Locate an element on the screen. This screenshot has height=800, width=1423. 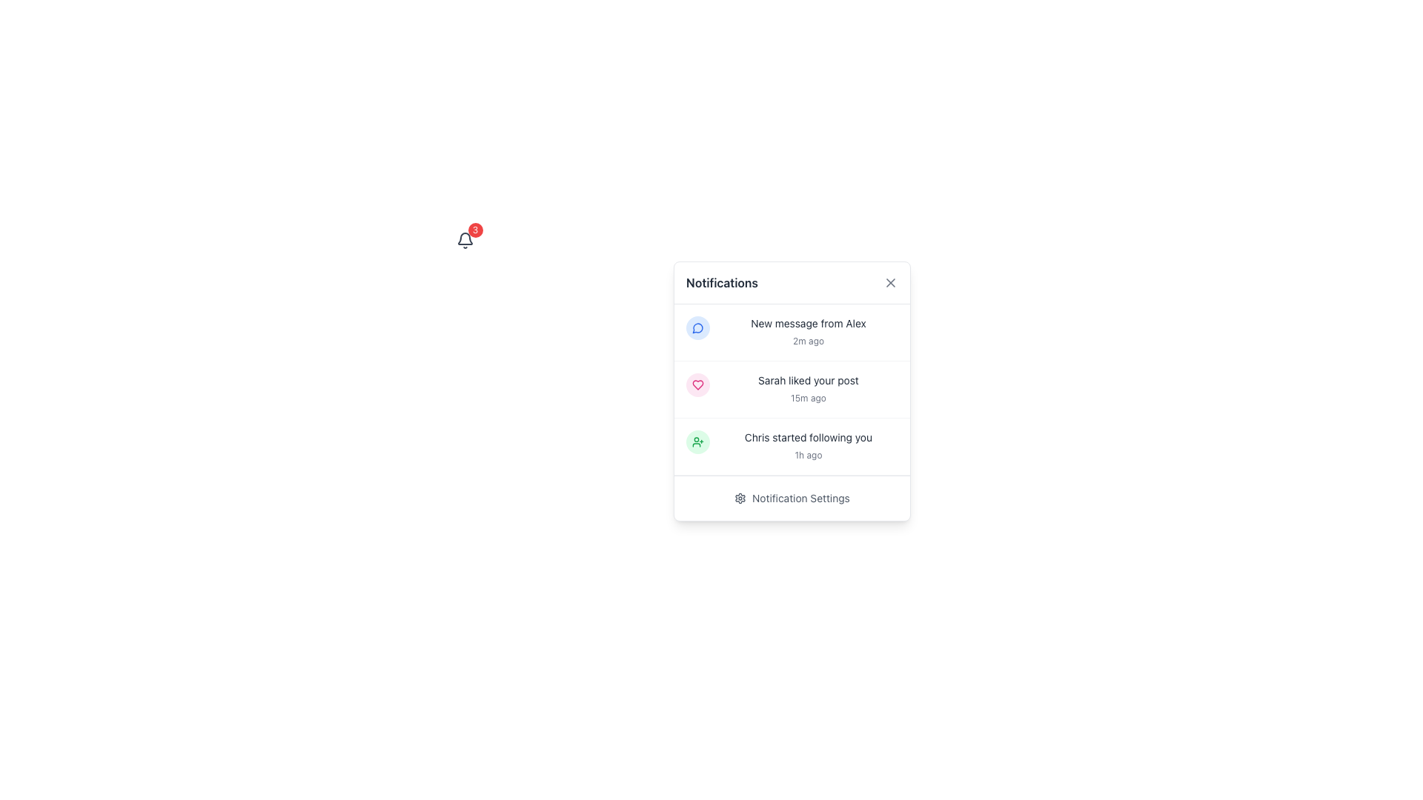
the static text element that serves as the title for the notification section, located at the top-left of the notification panel is located at coordinates (722, 282).